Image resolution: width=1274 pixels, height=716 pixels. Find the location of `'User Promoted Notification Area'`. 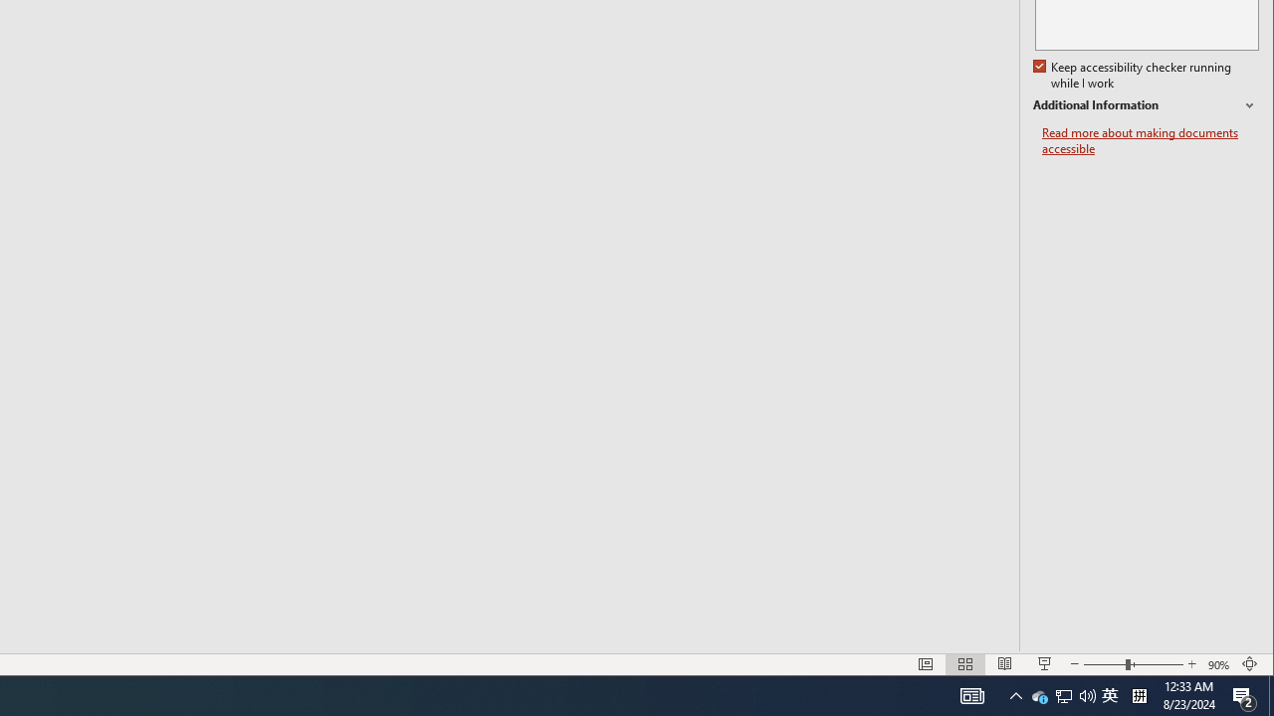

'User Promoted Notification Area' is located at coordinates (1039, 694).